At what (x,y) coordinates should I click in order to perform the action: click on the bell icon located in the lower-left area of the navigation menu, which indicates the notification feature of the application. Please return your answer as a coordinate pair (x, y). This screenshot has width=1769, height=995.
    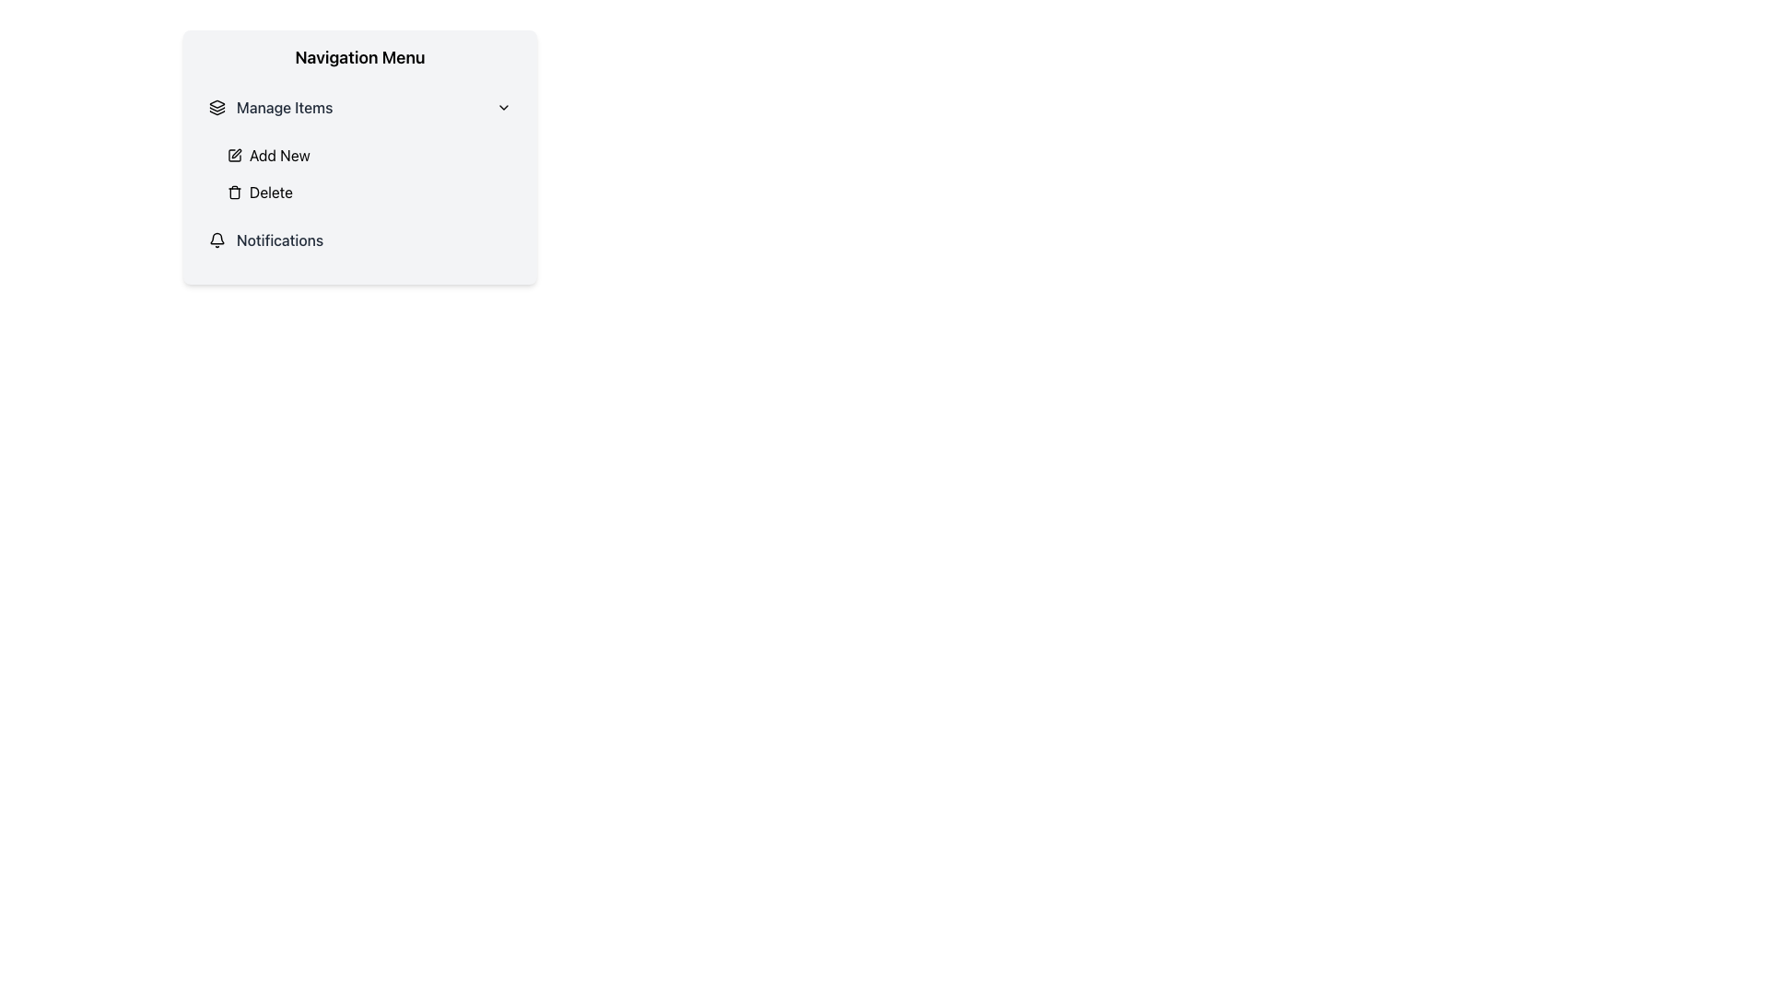
    Looking at the image, I should click on (217, 238).